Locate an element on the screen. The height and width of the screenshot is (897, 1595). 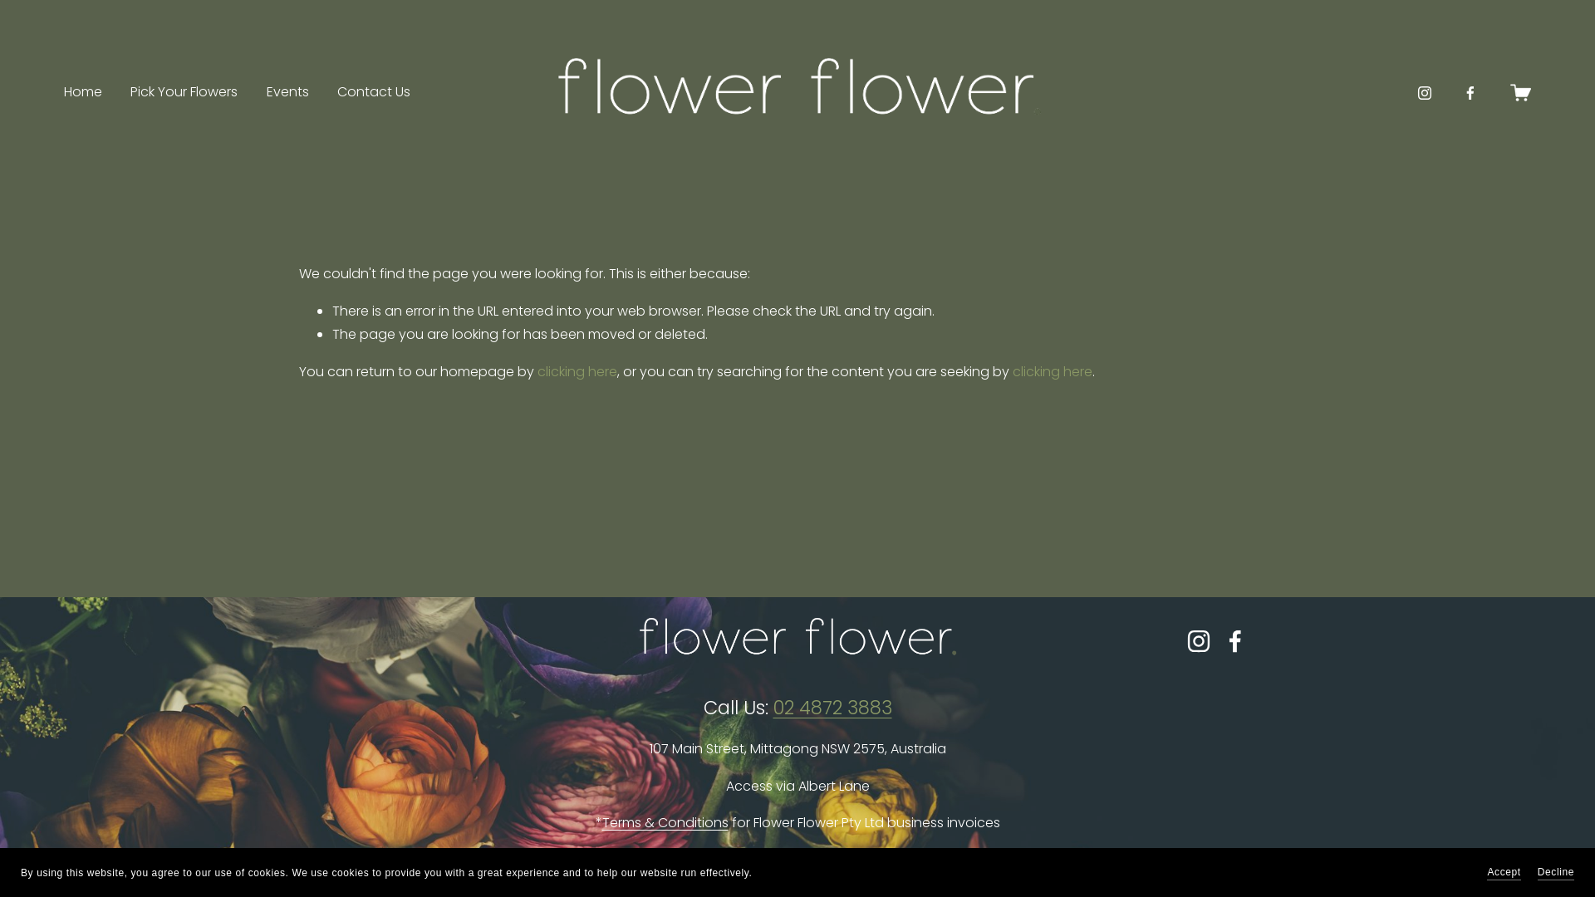
'Events' is located at coordinates (287, 92).